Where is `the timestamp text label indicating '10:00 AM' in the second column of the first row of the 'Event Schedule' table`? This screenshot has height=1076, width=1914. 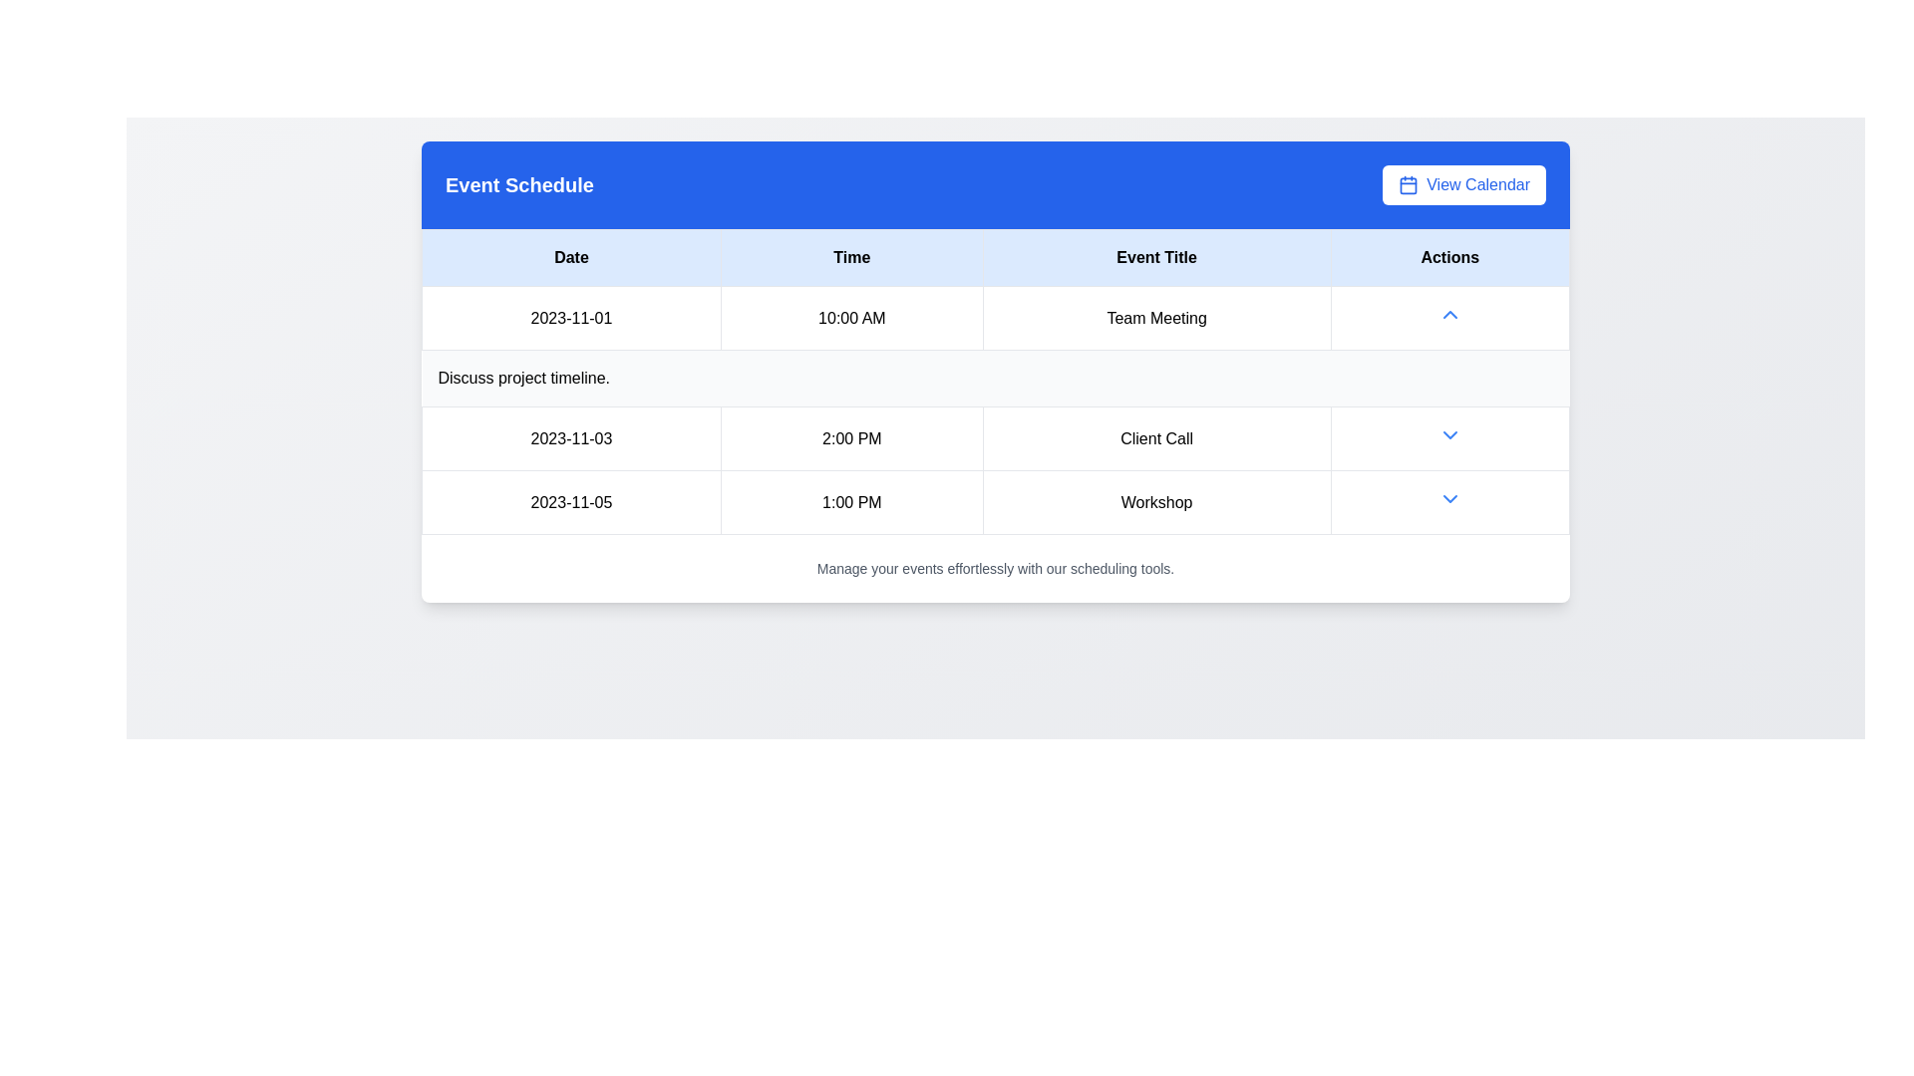 the timestamp text label indicating '10:00 AM' in the second column of the first row of the 'Event Schedule' table is located at coordinates (851, 317).